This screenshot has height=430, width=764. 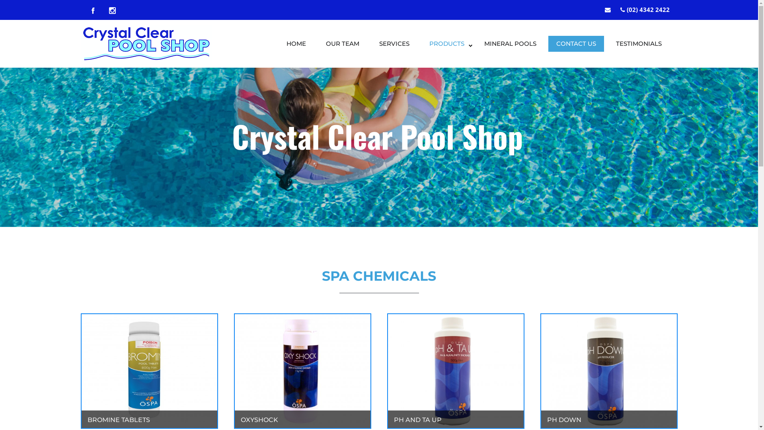 What do you see at coordinates (563, 419) in the screenshot?
I see `'PH DOWN'` at bounding box center [563, 419].